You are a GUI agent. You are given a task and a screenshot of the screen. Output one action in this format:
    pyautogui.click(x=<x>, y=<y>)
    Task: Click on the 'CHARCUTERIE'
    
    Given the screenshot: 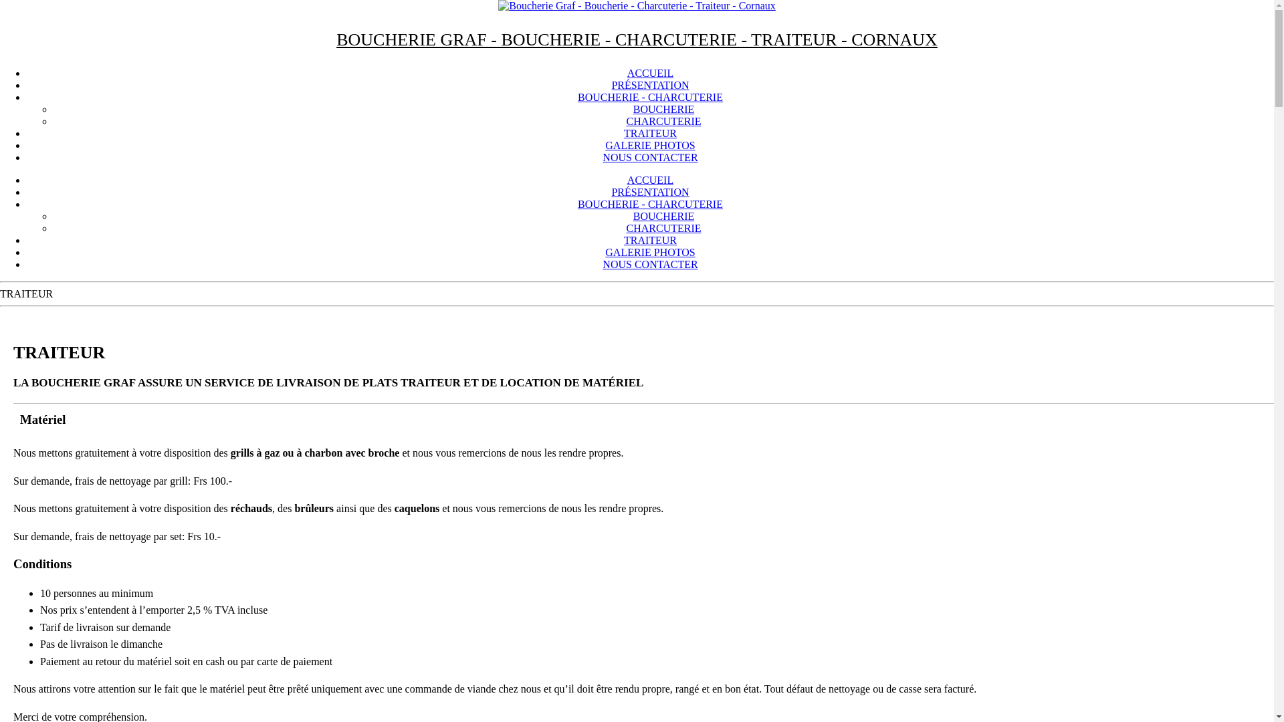 What is the action you would take?
    pyautogui.click(x=663, y=227)
    